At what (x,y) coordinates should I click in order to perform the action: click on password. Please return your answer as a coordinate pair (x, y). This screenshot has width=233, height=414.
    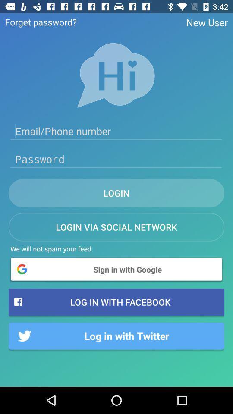
    Looking at the image, I should click on (116, 159).